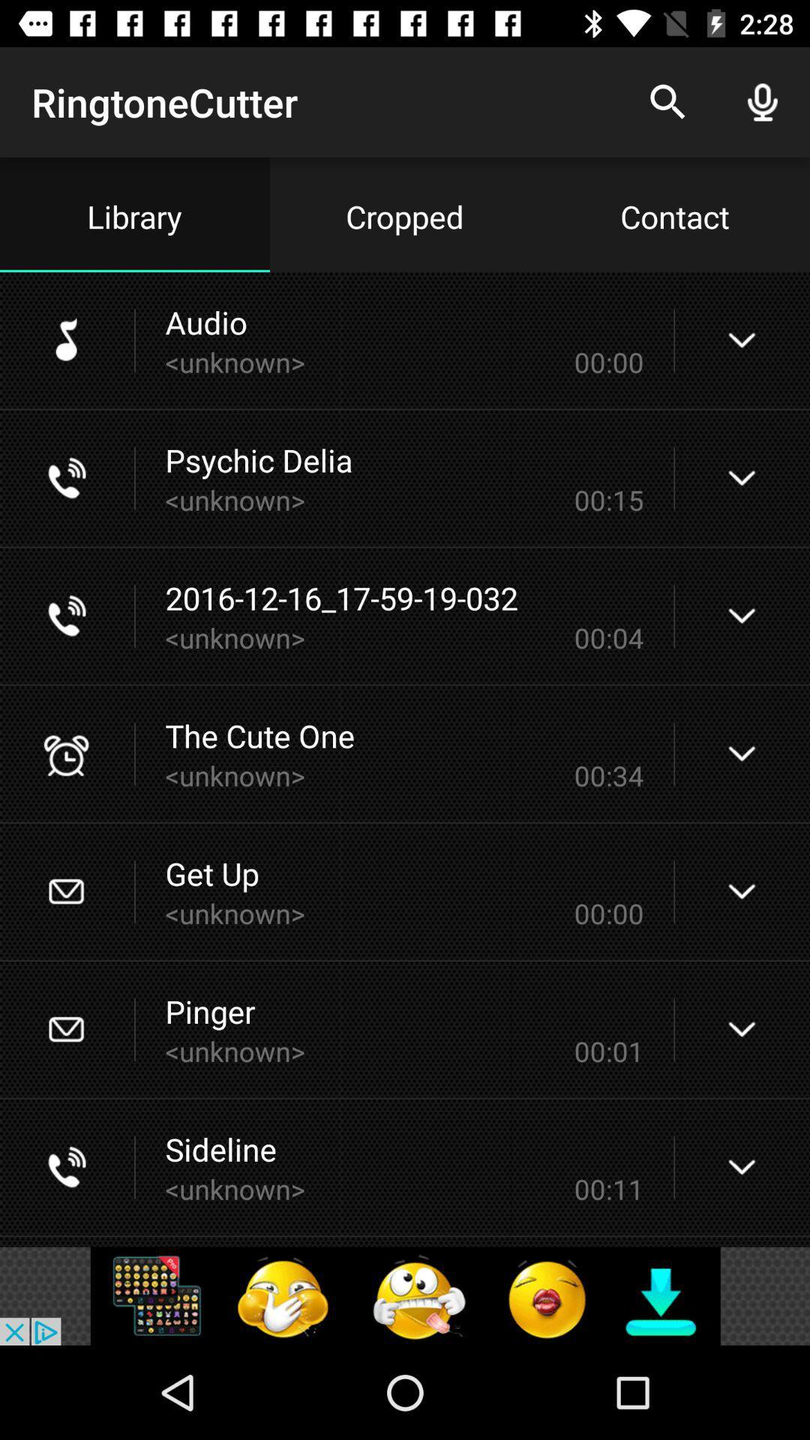 The height and width of the screenshot is (1440, 810). I want to click on third audio from the top, so click(405, 616).